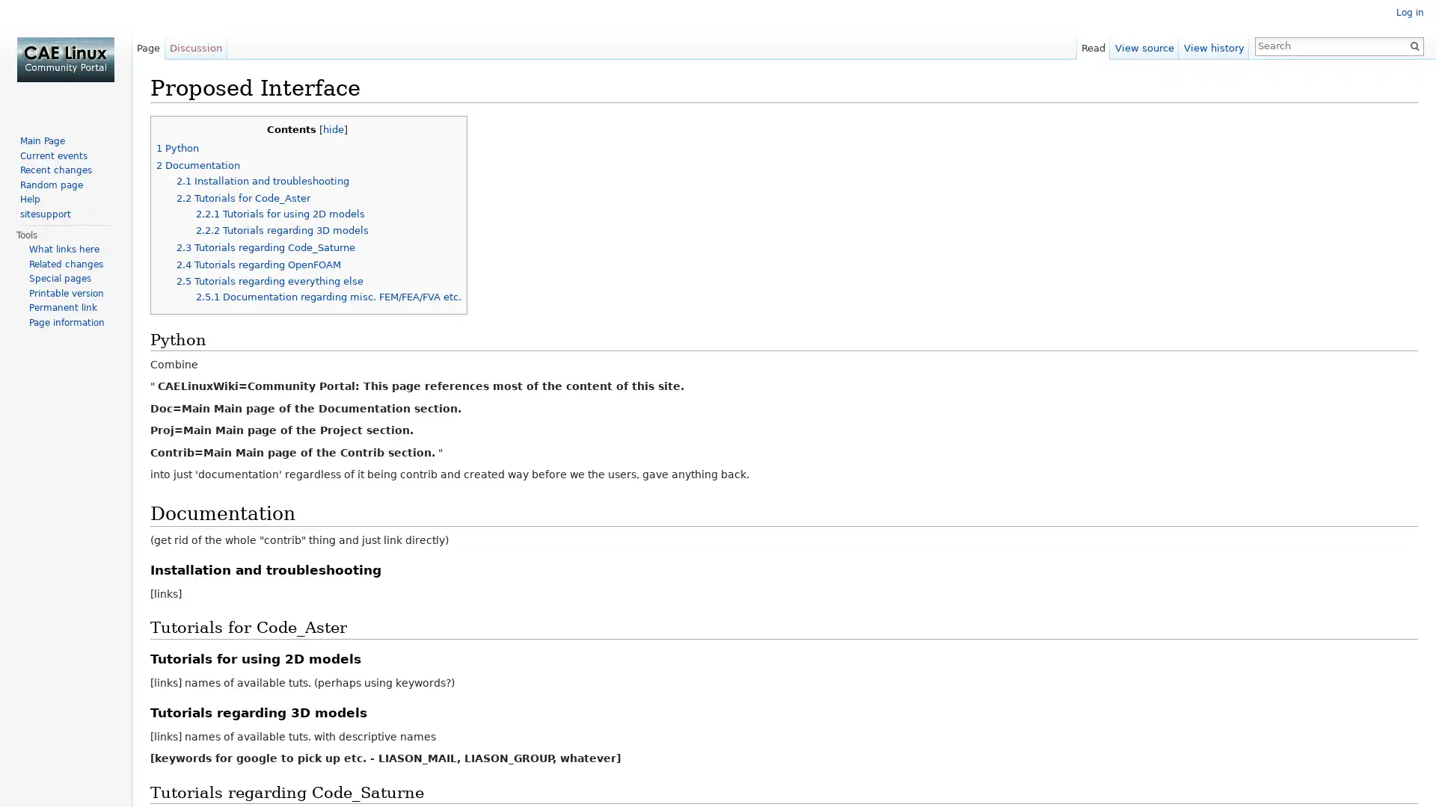  What do you see at coordinates (1414, 45) in the screenshot?
I see `Go` at bounding box center [1414, 45].